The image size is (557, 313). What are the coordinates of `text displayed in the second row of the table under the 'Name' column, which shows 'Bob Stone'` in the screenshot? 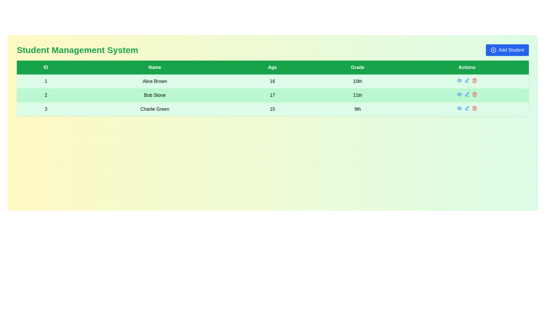 It's located at (155, 95).